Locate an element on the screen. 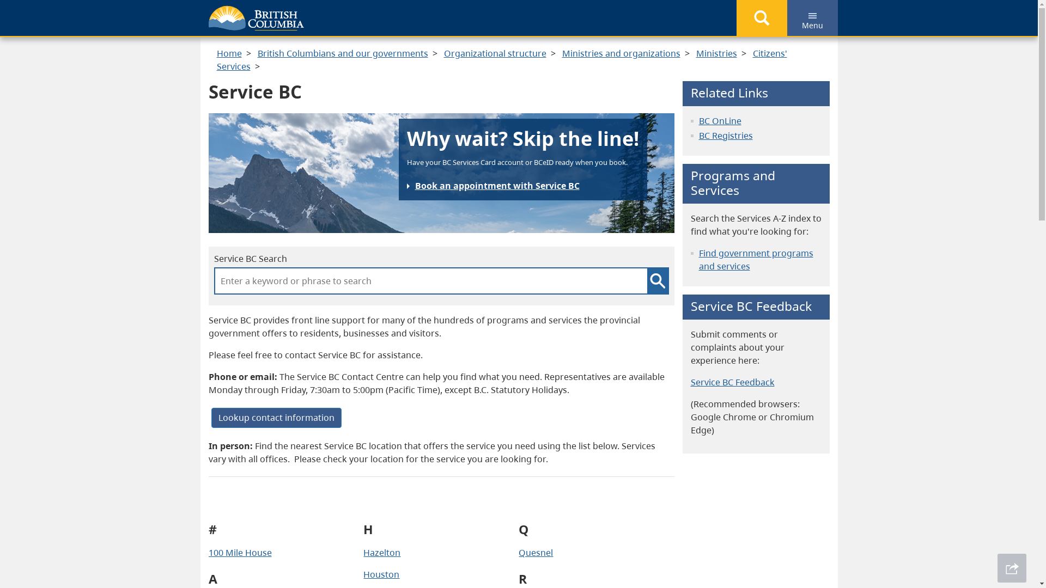  'Ministries and organizations' is located at coordinates (621, 53).